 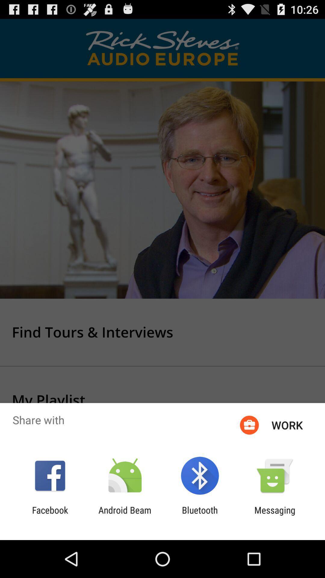 What do you see at coordinates (275, 515) in the screenshot?
I see `icon to the right of bluetooth icon` at bounding box center [275, 515].